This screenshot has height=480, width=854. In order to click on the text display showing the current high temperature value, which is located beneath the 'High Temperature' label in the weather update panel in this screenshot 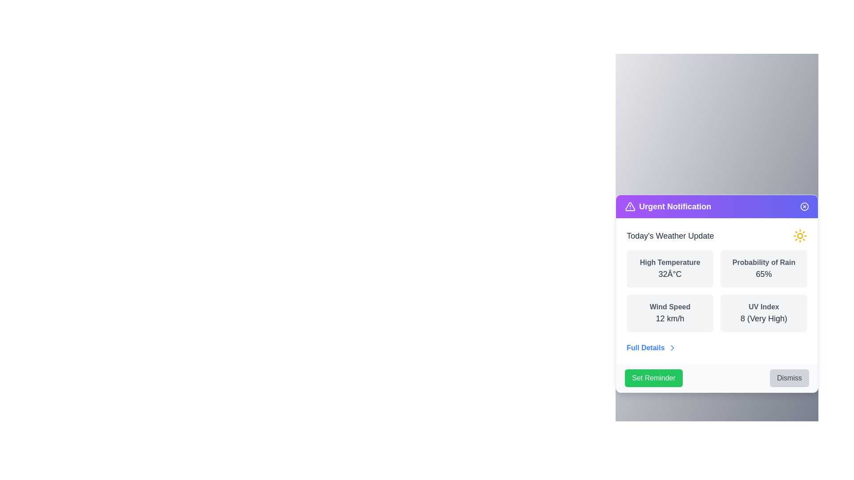, I will do `click(670, 274)`.